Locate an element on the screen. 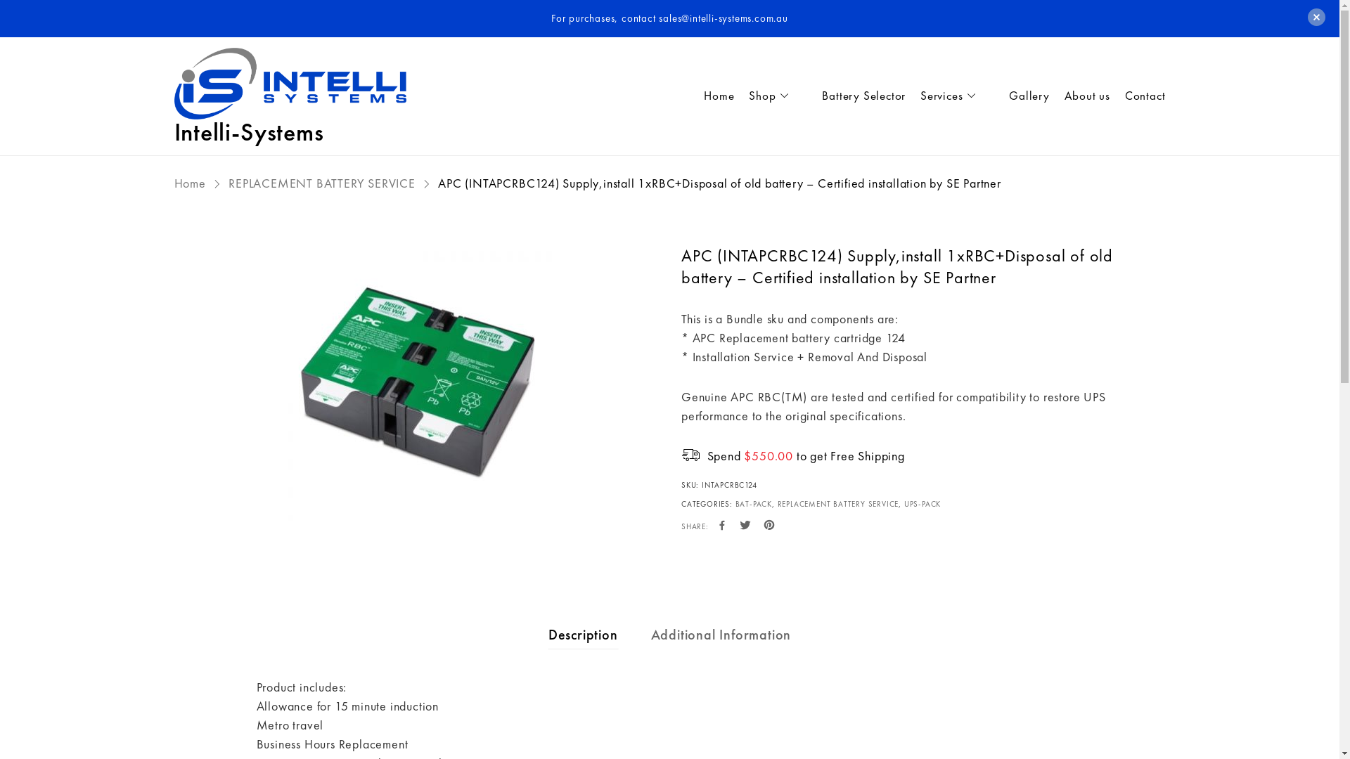 This screenshot has height=759, width=1350. 'Intelli-Systems' is located at coordinates (249, 132).